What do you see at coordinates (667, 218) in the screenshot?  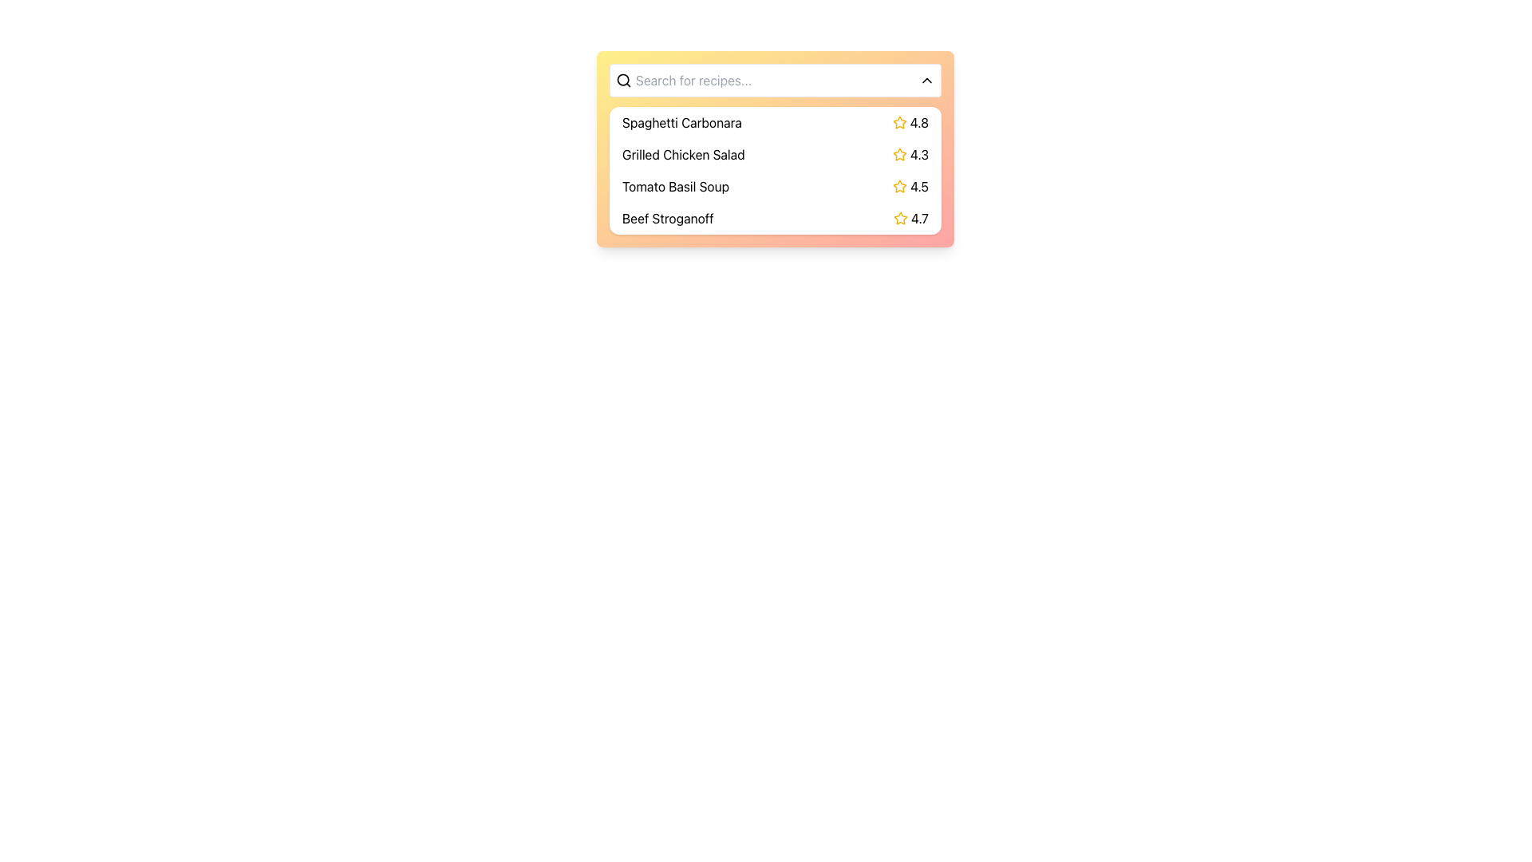 I see `the 'Beef Stroganoff' text label in the recipe search dropdown menu` at bounding box center [667, 218].